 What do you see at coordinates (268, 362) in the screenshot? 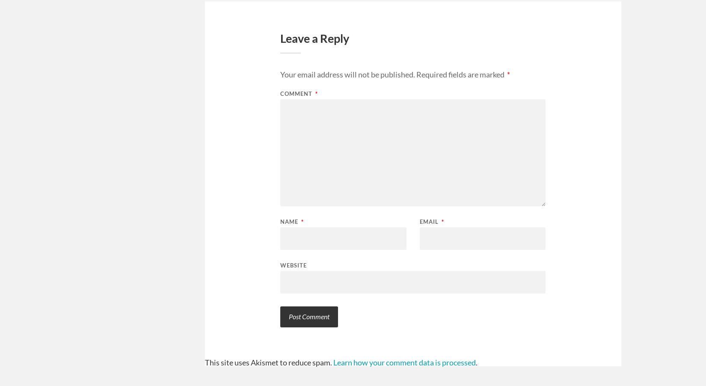
I see `'This site uses Akismet to reduce spam.'` at bounding box center [268, 362].